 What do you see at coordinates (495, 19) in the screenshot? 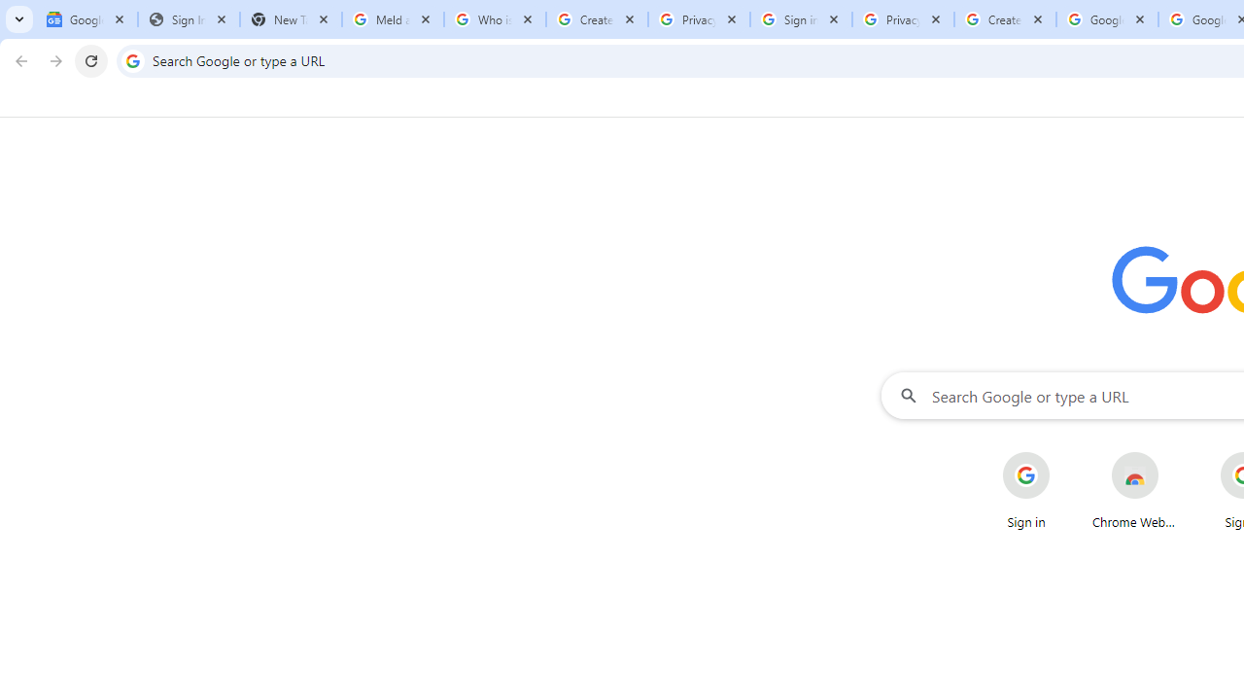
I see `'Who is my administrator? - Google Account Help'` at bounding box center [495, 19].